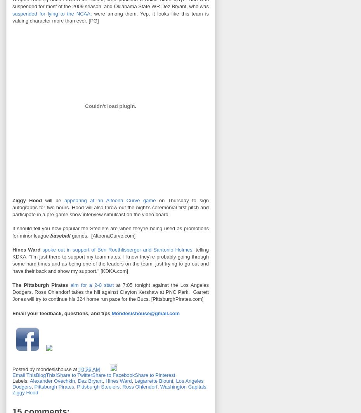 The height and width of the screenshot is (413, 361). I want to click on 'on Thursday to sign autographs for two hours. Hood will also throw out the night’s ceremonial first pitch and participate in a  pre-game show interview simulcast on the video board.', so click(111, 207).